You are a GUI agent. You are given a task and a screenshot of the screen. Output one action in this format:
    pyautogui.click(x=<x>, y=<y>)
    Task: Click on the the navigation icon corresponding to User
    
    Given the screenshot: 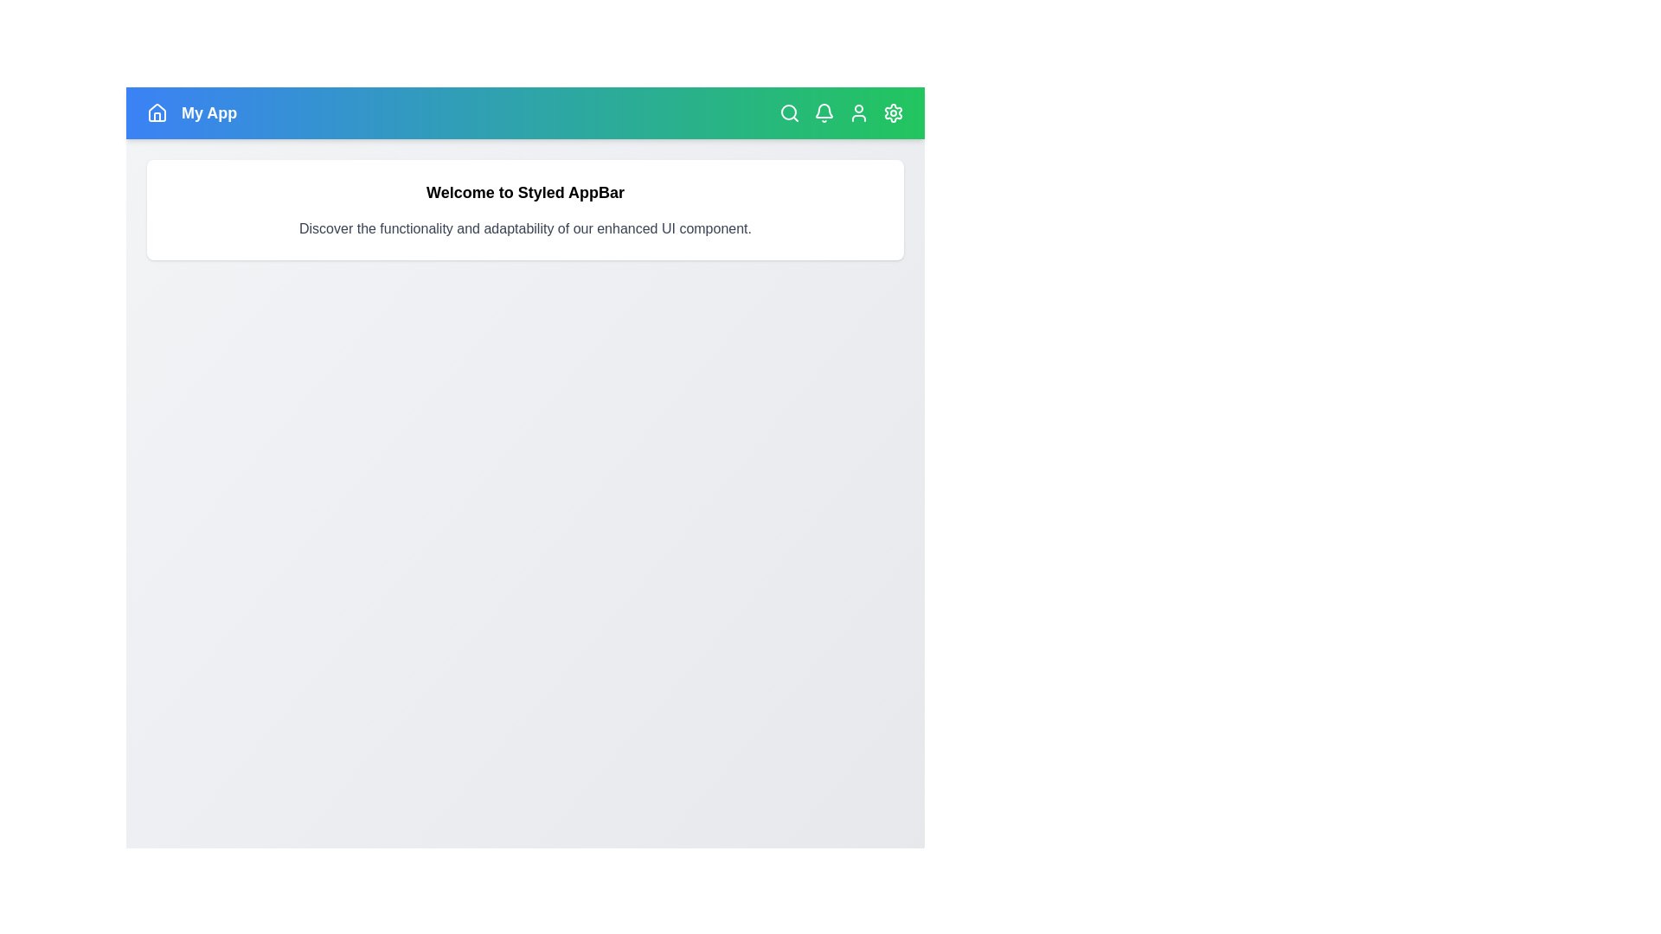 What is the action you would take?
    pyautogui.click(x=859, y=113)
    